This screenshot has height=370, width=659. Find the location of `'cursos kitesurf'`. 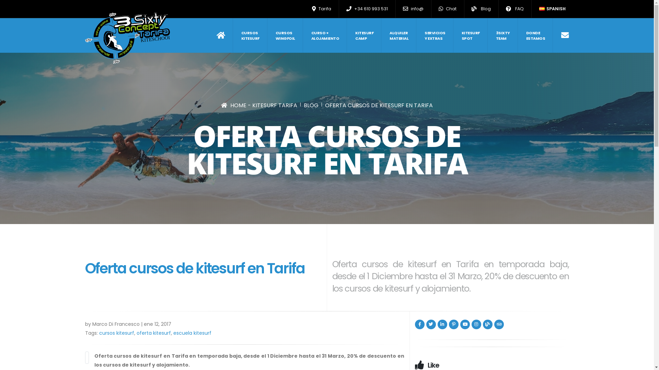

'cursos kitesurf' is located at coordinates (116, 333).